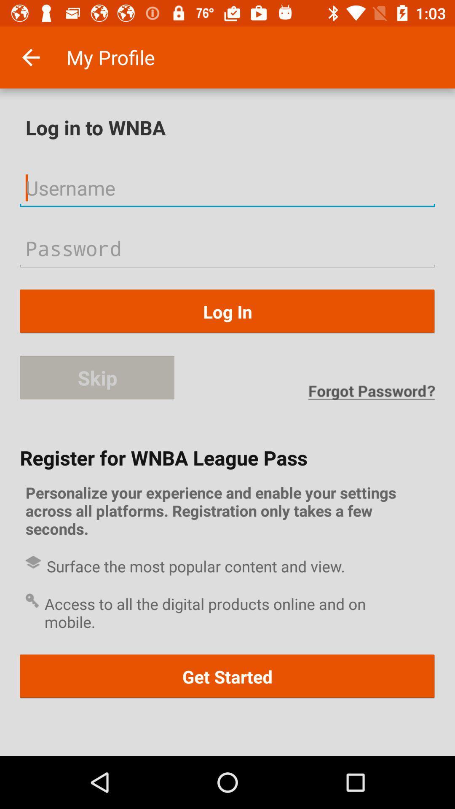 This screenshot has height=809, width=455. What do you see at coordinates (30, 57) in the screenshot?
I see `the item to the left of the my profile icon` at bounding box center [30, 57].